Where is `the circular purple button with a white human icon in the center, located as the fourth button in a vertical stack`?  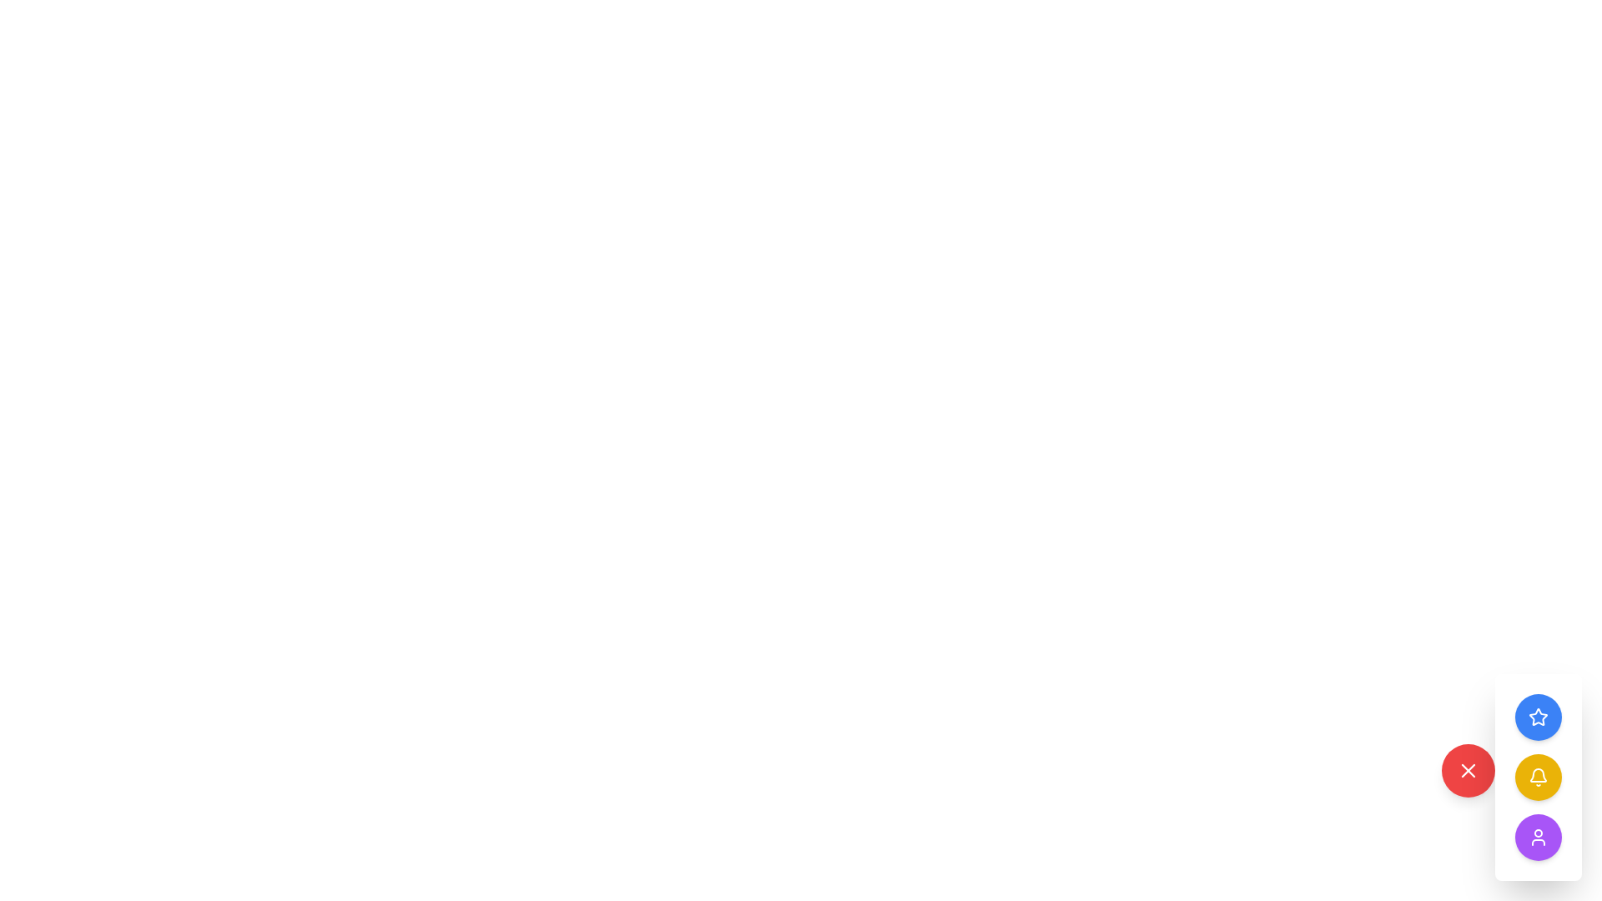
the circular purple button with a white human icon in the center, located as the fourth button in a vertical stack is located at coordinates (1537, 837).